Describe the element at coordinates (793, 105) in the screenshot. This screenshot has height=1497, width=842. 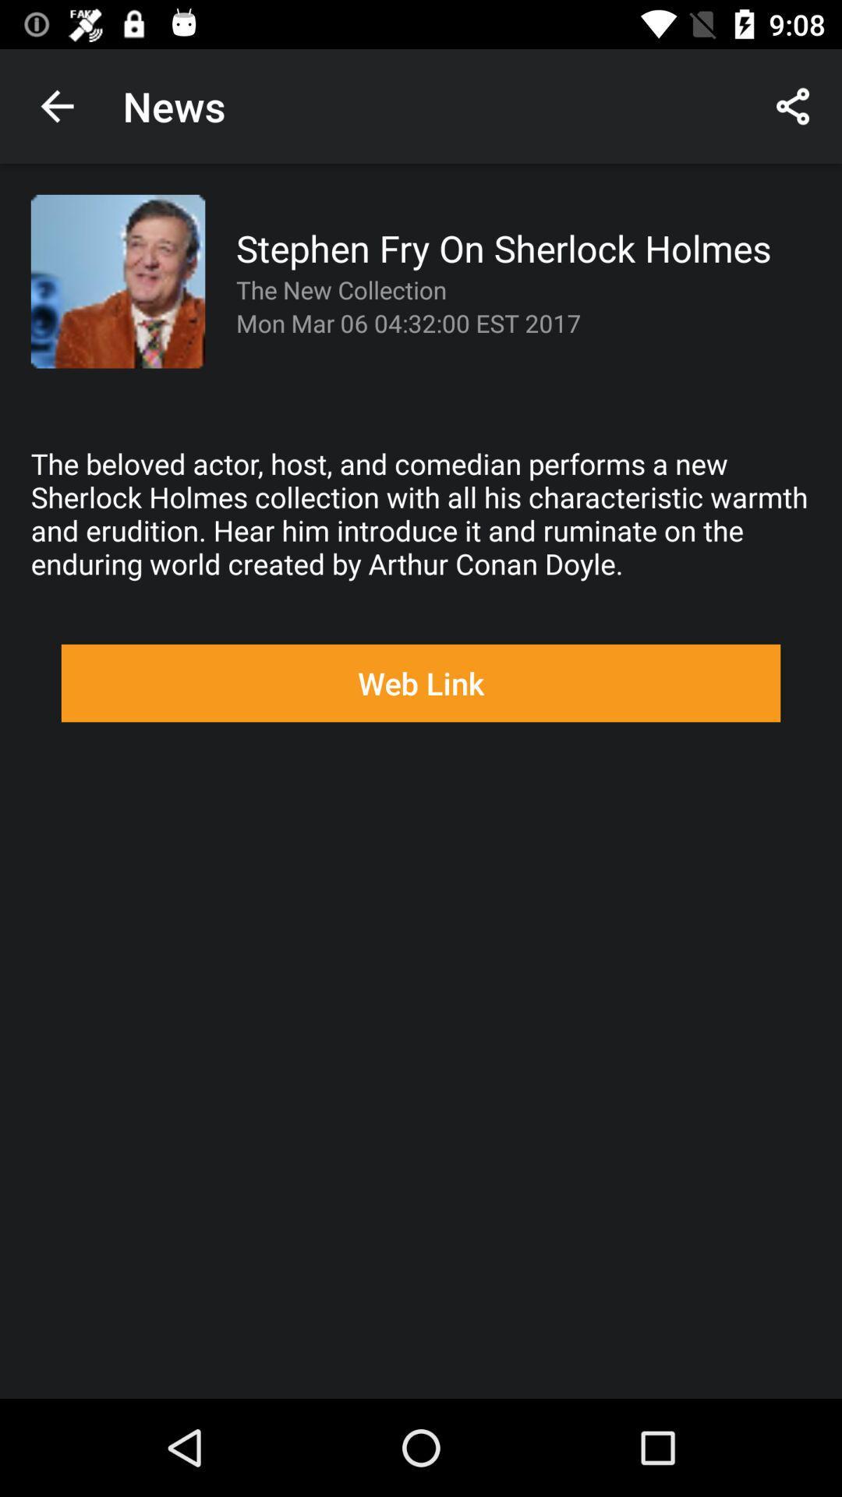
I see `icon above stephen fry on item` at that location.